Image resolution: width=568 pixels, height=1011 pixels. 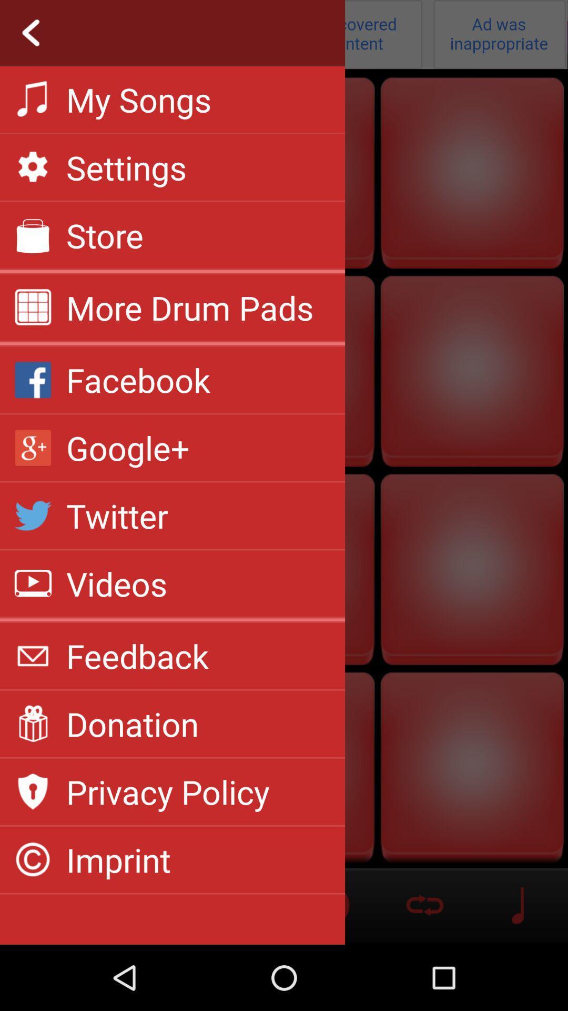 I want to click on return back, so click(x=284, y=34).